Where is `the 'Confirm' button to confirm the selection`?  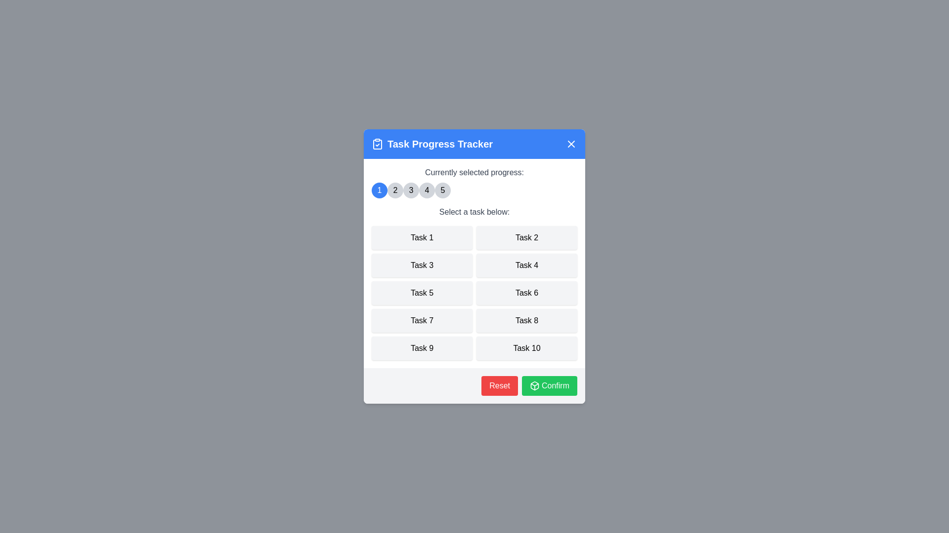 the 'Confirm' button to confirm the selection is located at coordinates (549, 385).